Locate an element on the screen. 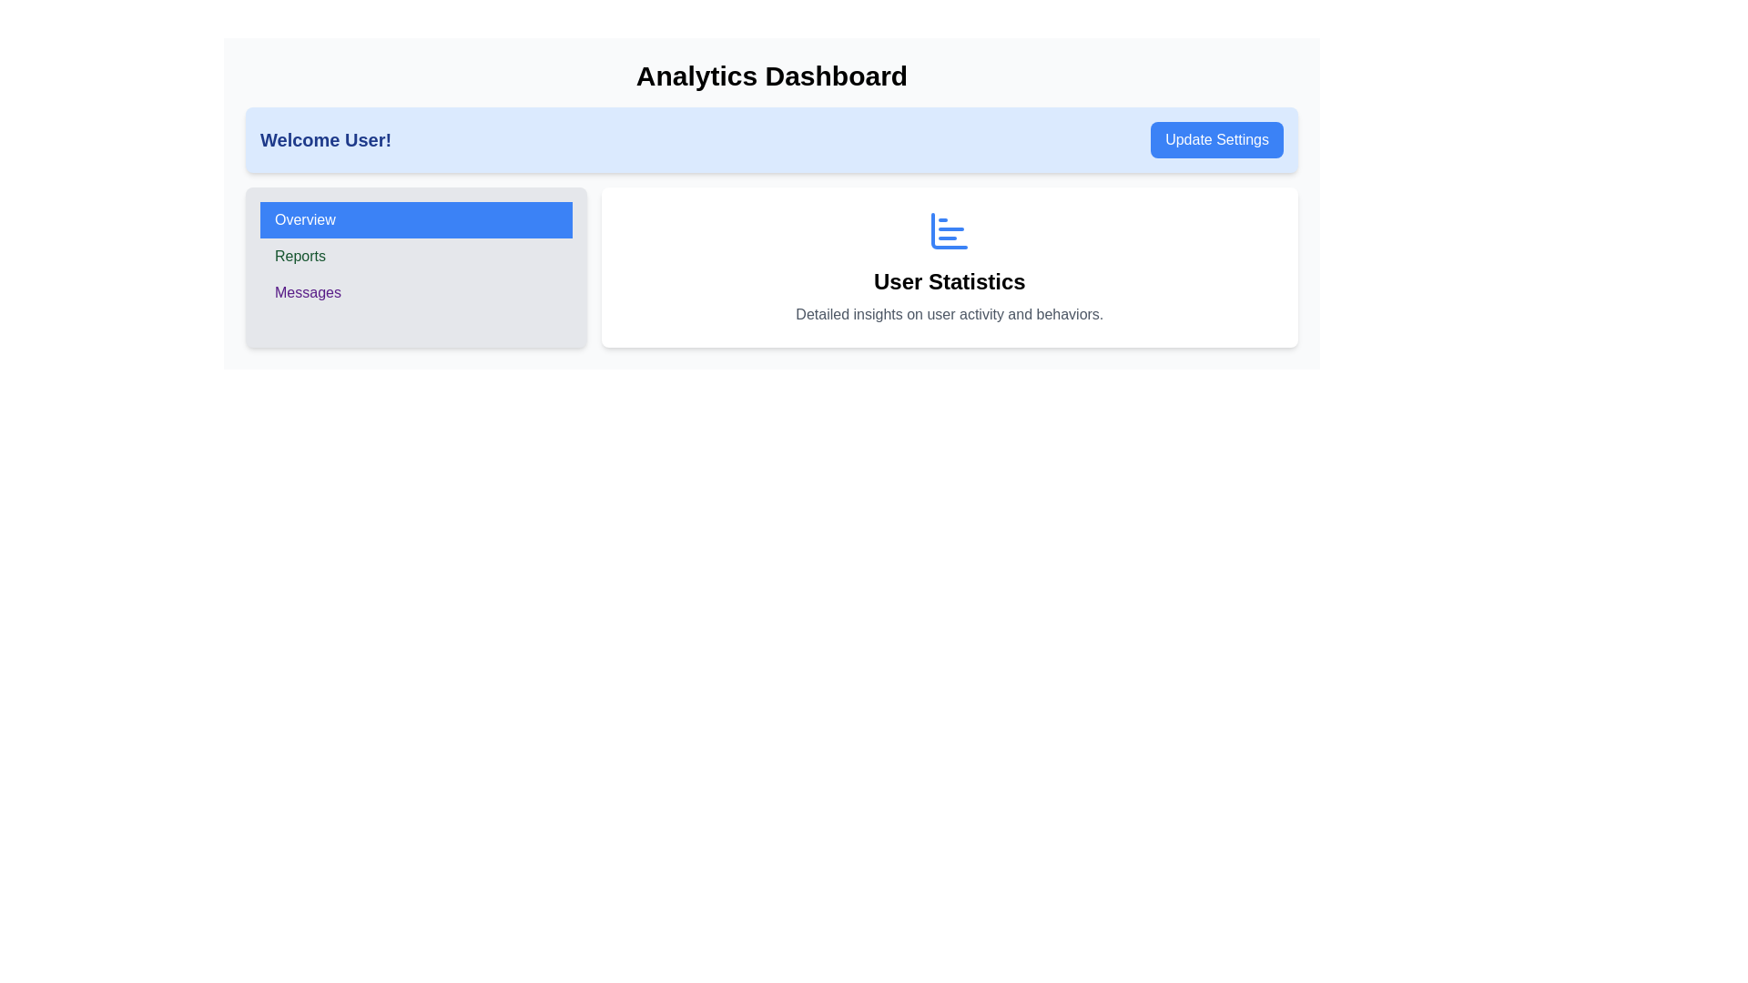  the informational panel titled 'User Statistics', which contains insights on user activity and behaviors is located at coordinates (949, 267).